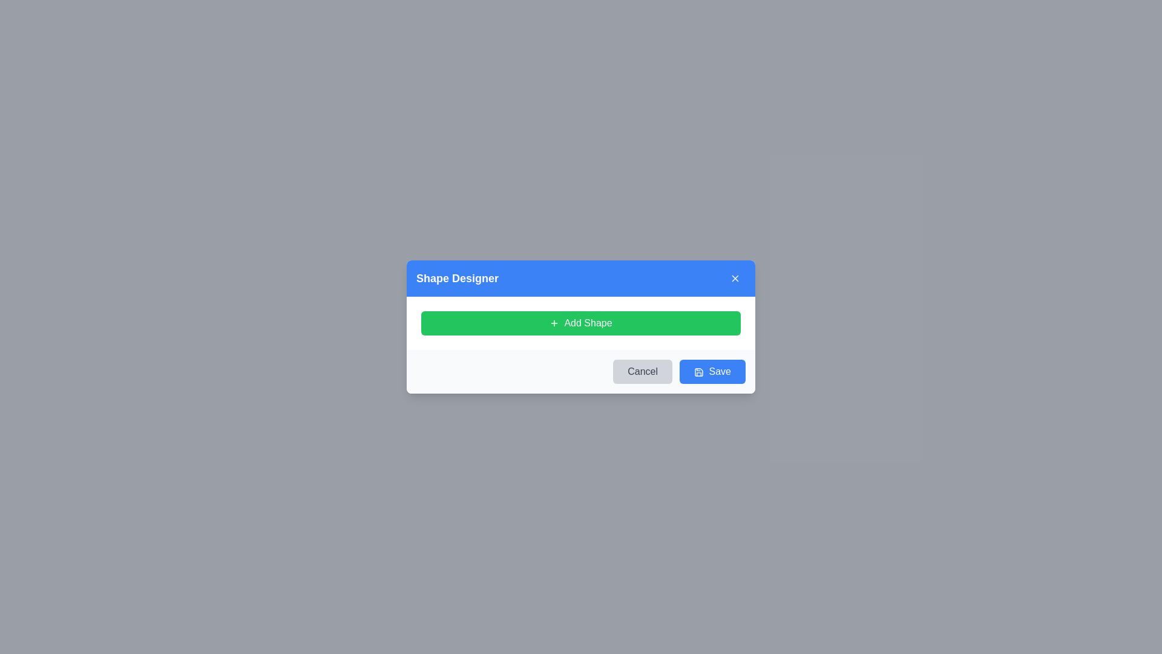 This screenshot has height=654, width=1162. What do you see at coordinates (581, 322) in the screenshot?
I see `the 'Add Shape' button, which is a horizontally rectangular button with rounded corners, bright green color, and contains a '+' icon followed by the text 'Add Shape' in white color, located centrally within the 'Shape Designer' dialog box` at bounding box center [581, 322].